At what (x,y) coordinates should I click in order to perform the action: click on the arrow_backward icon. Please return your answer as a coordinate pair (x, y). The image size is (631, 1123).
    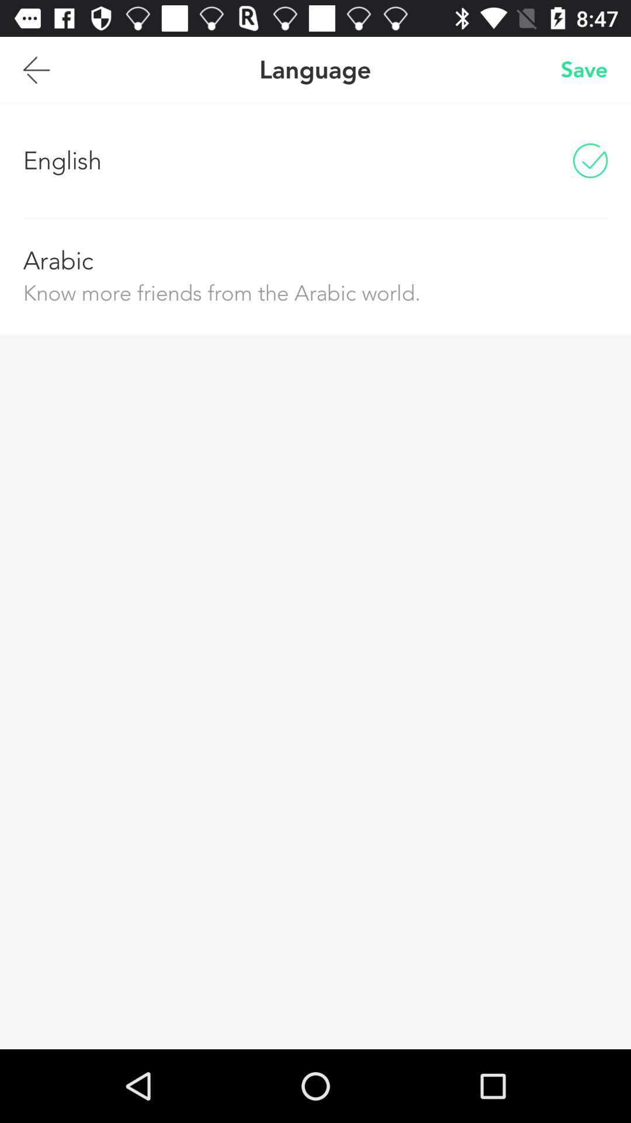
    Looking at the image, I should click on (36, 74).